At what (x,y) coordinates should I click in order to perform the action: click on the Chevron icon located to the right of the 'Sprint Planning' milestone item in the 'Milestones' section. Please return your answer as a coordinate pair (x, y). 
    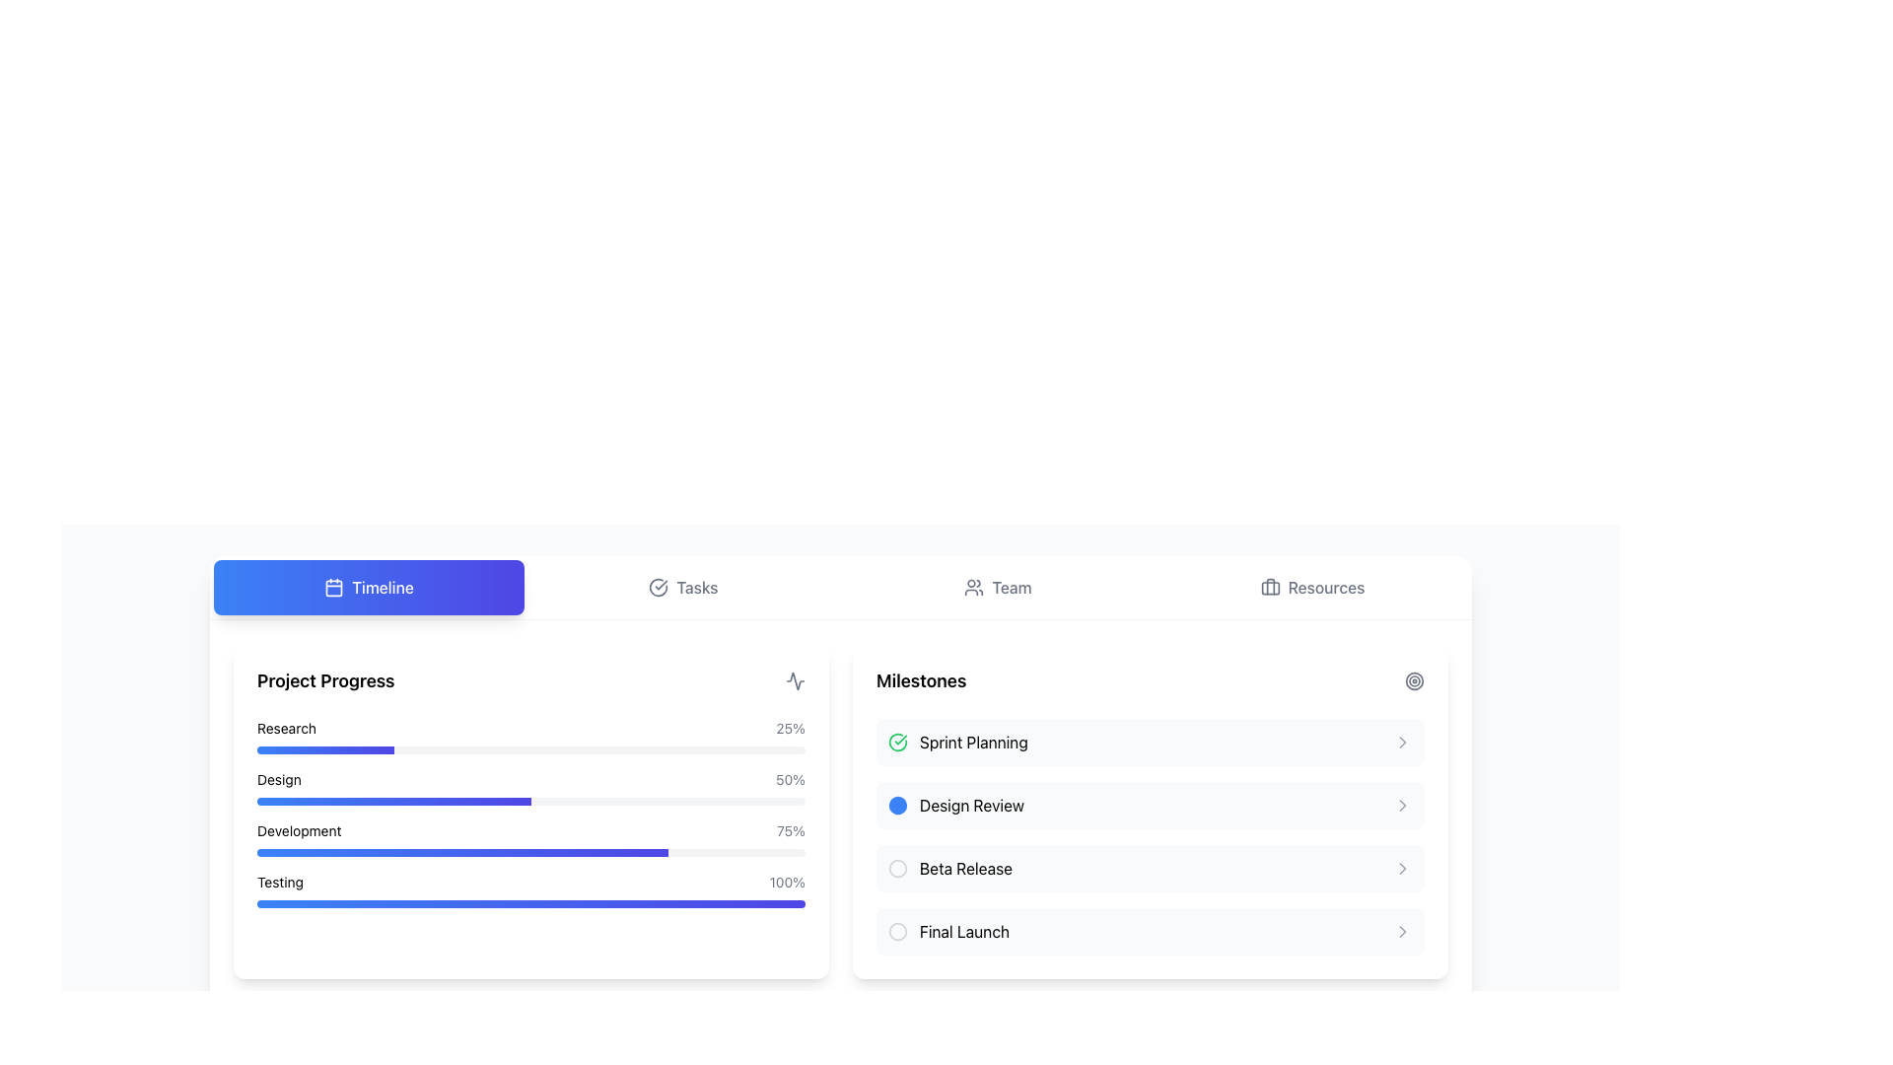
    Looking at the image, I should click on (1401, 742).